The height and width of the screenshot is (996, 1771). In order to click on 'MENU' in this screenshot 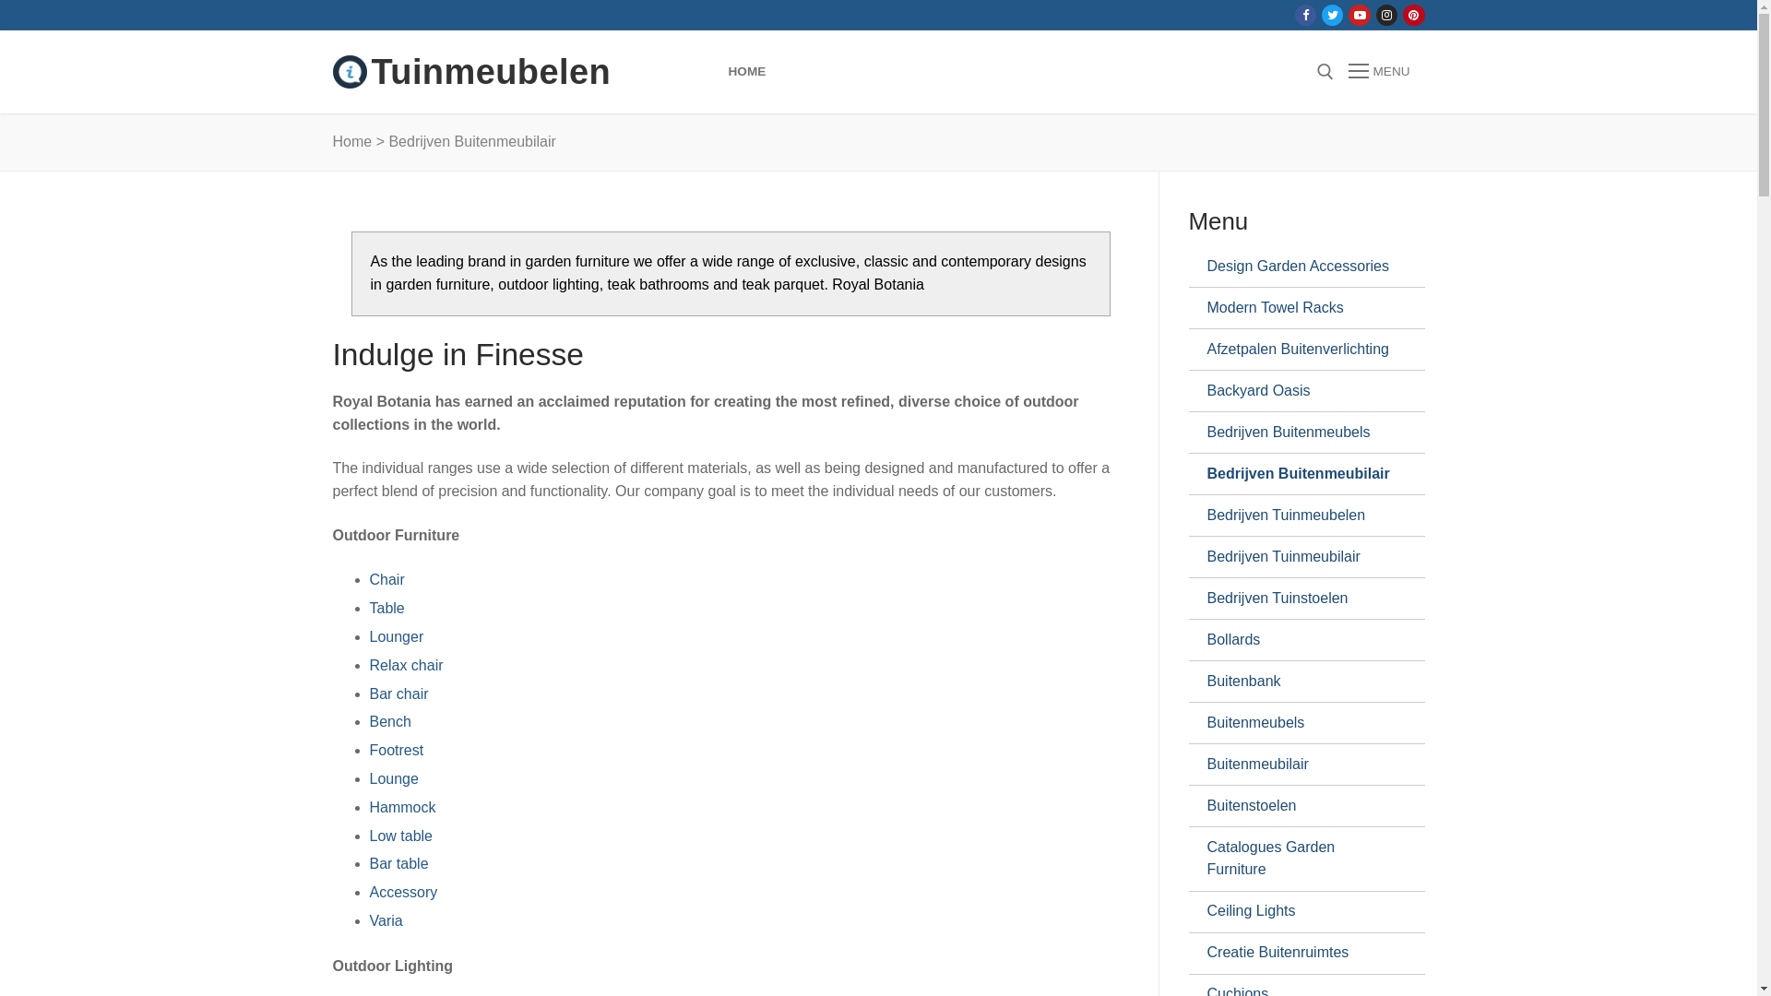, I will do `click(1378, 70)`.